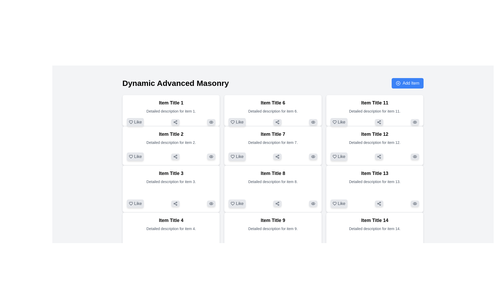 The width and height of the screenshot is (502, 282). Describe the element at coordinates (374, 156) in the screenshot. I see `the share button located within the card titled 'Item Title 12', positioned below the descriptive text and between the 'Like' button and the 'Eye' icon button` at that location.